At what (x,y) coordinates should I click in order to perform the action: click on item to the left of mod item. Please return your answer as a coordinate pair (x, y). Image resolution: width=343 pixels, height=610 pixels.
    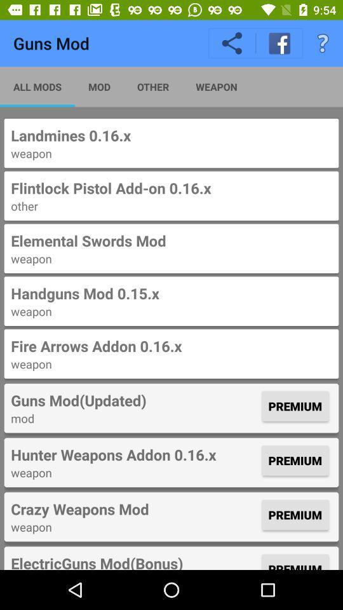
    Looking at the image, I should click on (37, 86).